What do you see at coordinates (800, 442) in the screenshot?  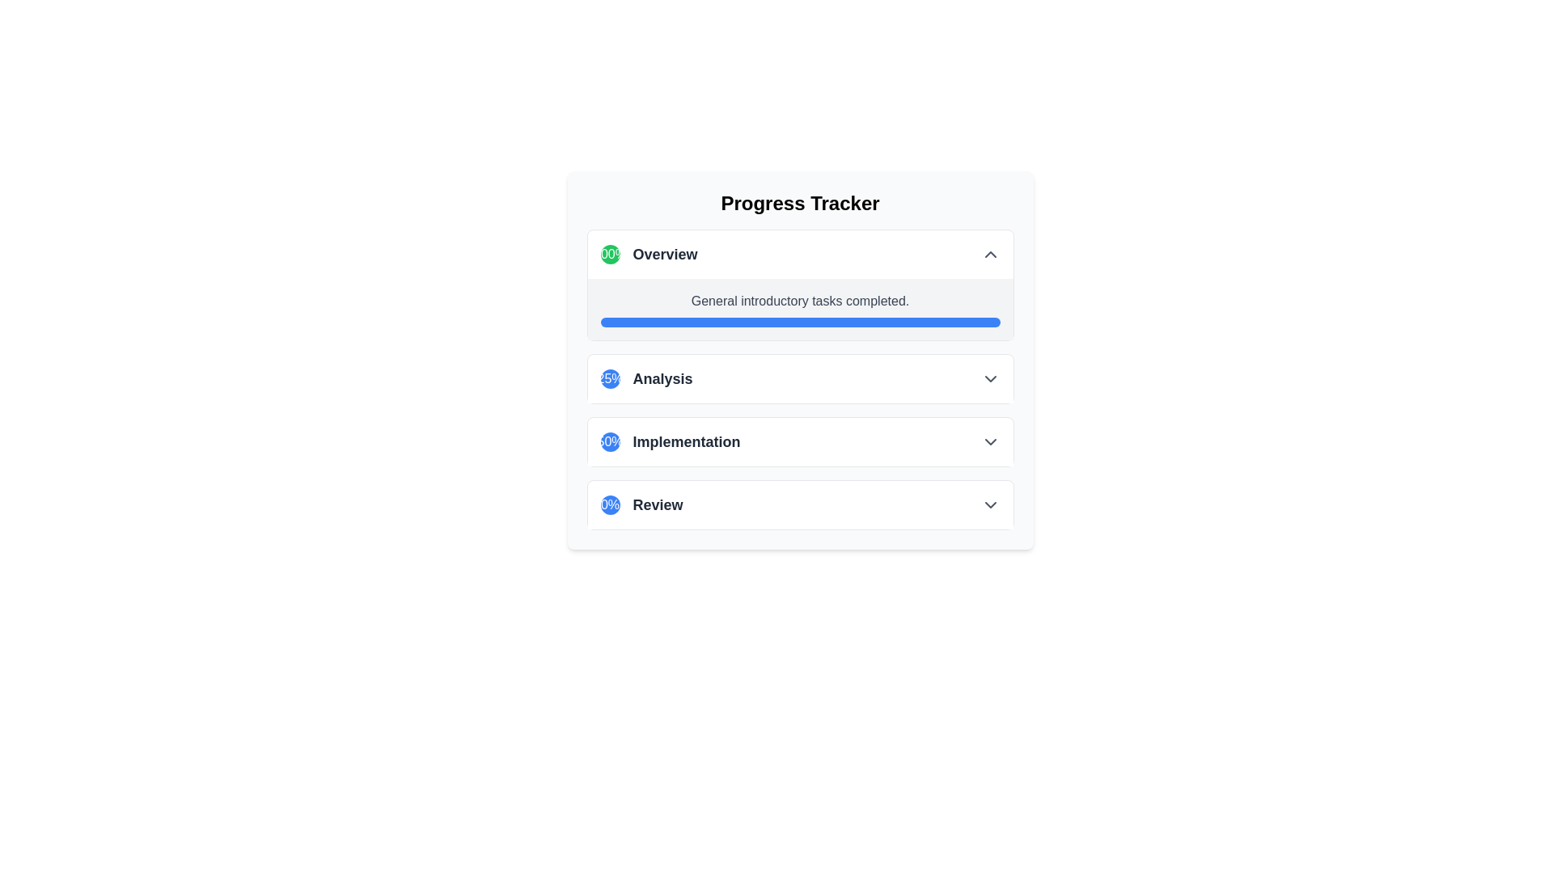 I see `the Implementation button in the progress tracking interface` at bounding box center [800, 442].